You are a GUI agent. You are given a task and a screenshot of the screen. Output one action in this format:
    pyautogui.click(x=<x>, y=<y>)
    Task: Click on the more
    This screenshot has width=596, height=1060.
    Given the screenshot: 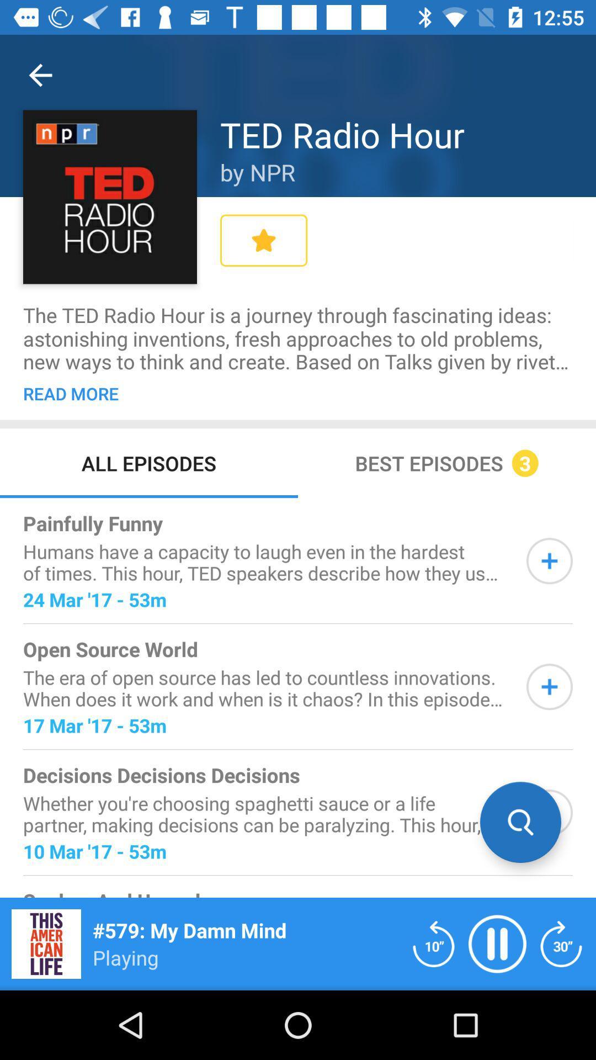 What is the action you would take?
    pyautogui.click(x=549, y=686)
    